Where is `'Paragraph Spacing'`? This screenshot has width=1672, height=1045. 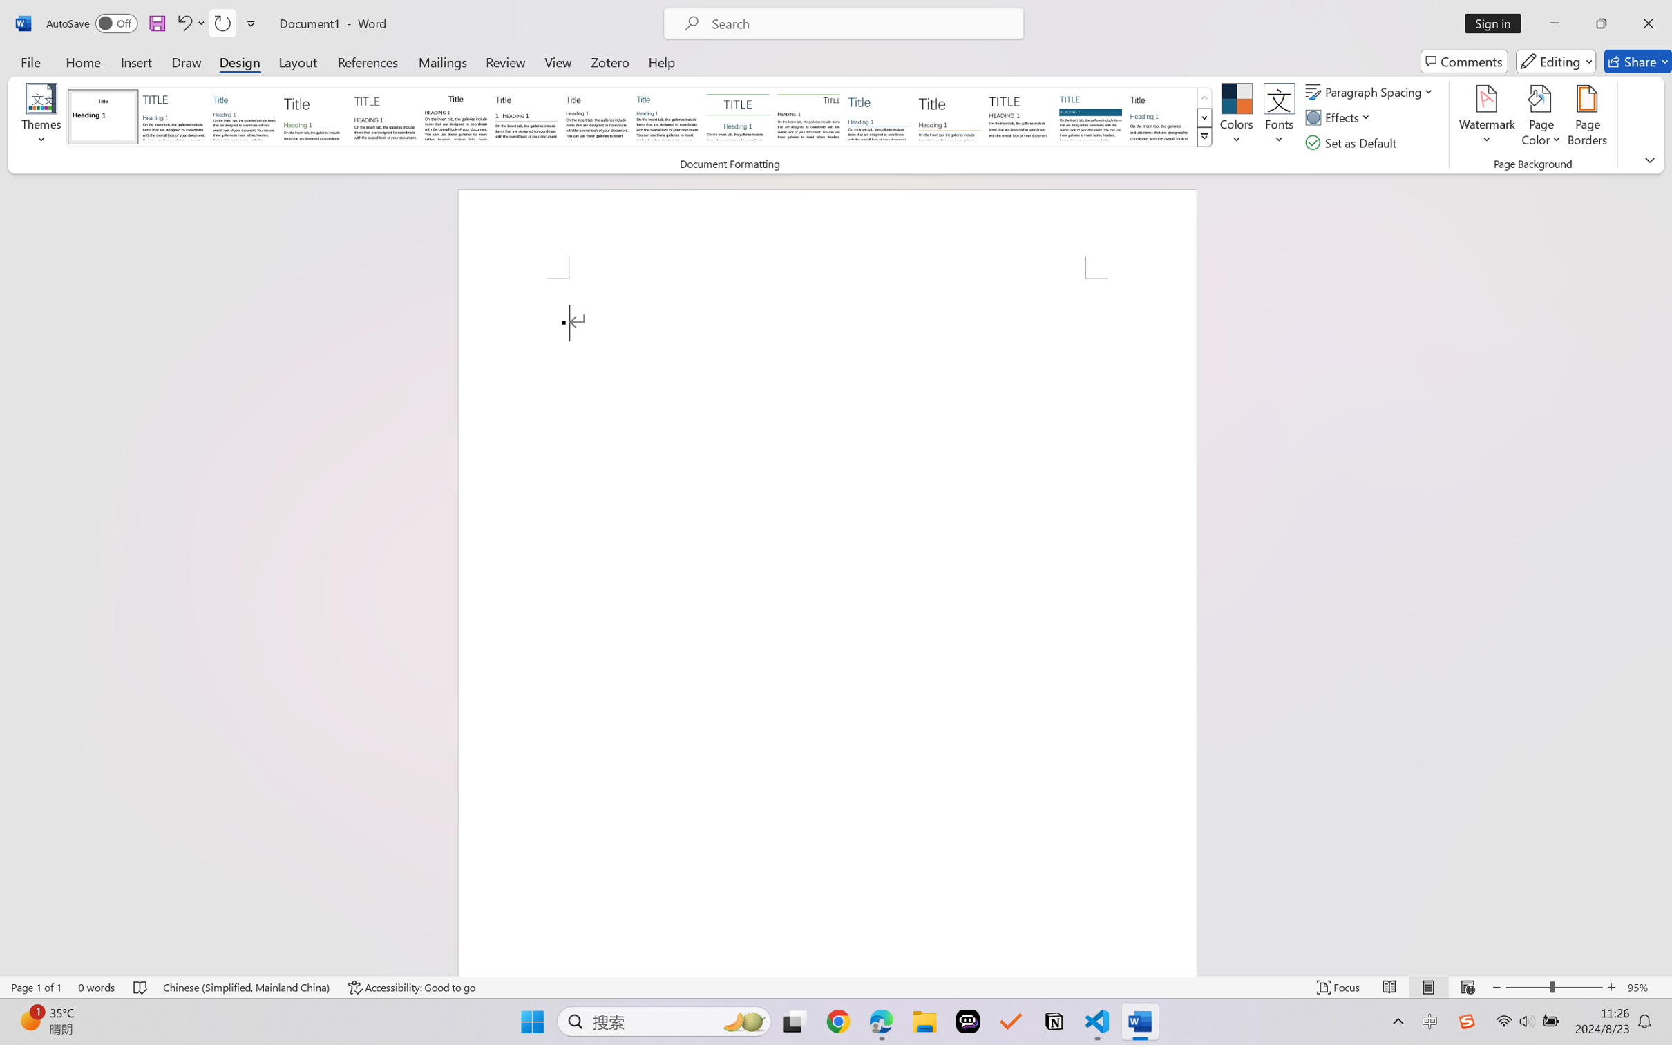
'Paragraph Spacing' is located at coordinates (1371, 91).